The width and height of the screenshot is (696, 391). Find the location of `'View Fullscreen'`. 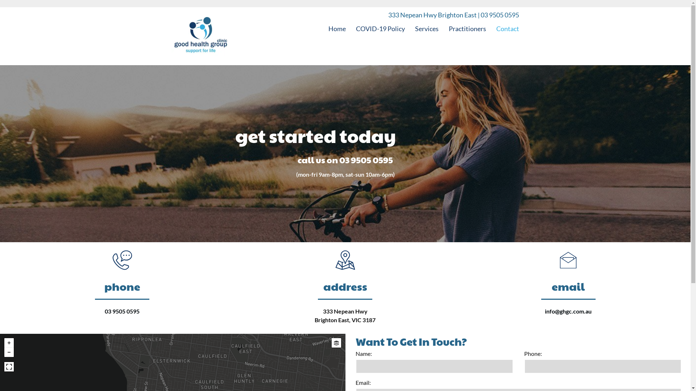

'View Fullscreen' is located at coordinates (9, 367).